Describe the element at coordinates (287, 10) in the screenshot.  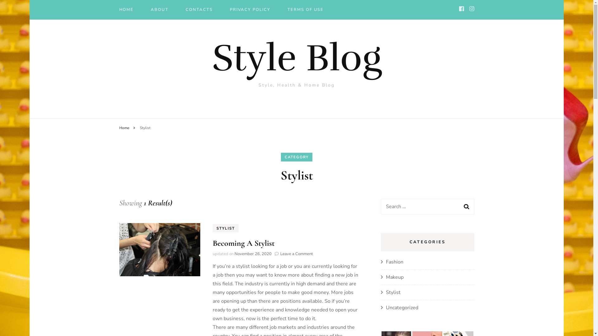
I see `'TERMS OF USE'` at that location.